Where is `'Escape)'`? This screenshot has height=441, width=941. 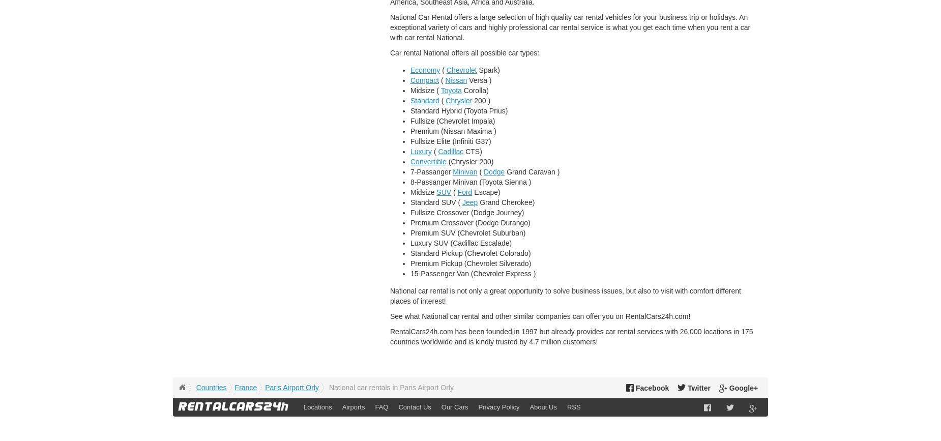
'Escape)' is located at coordinates (485, 192).